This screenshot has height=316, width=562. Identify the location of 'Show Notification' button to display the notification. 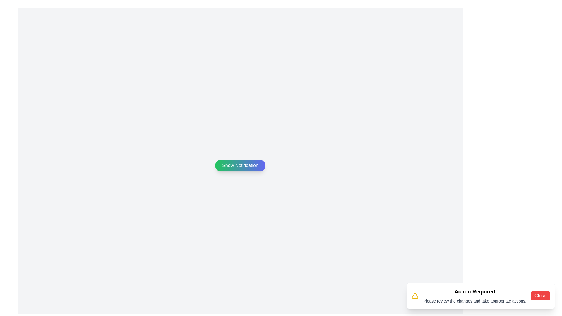
(240, 166).